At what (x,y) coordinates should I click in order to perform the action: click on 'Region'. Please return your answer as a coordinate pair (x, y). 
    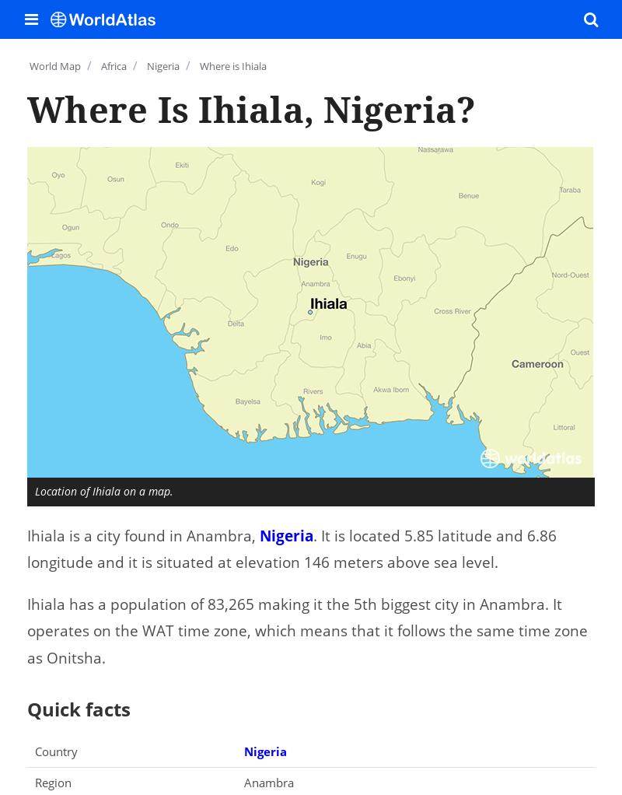
    Looking at the image, I should click on (34, 782).